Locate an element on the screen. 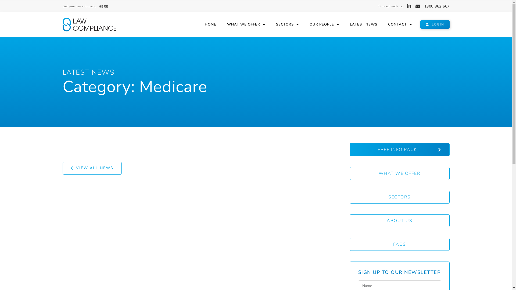 This screenshot has height=290, width=516. 'HOME' is located at coordinates (210, 24).